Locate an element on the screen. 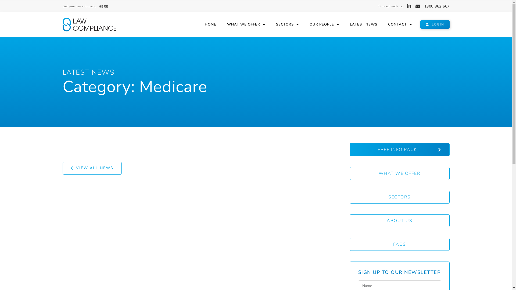 This screenshot has height=290, width=516. 'HOME' is located at coordinates (210, 24).